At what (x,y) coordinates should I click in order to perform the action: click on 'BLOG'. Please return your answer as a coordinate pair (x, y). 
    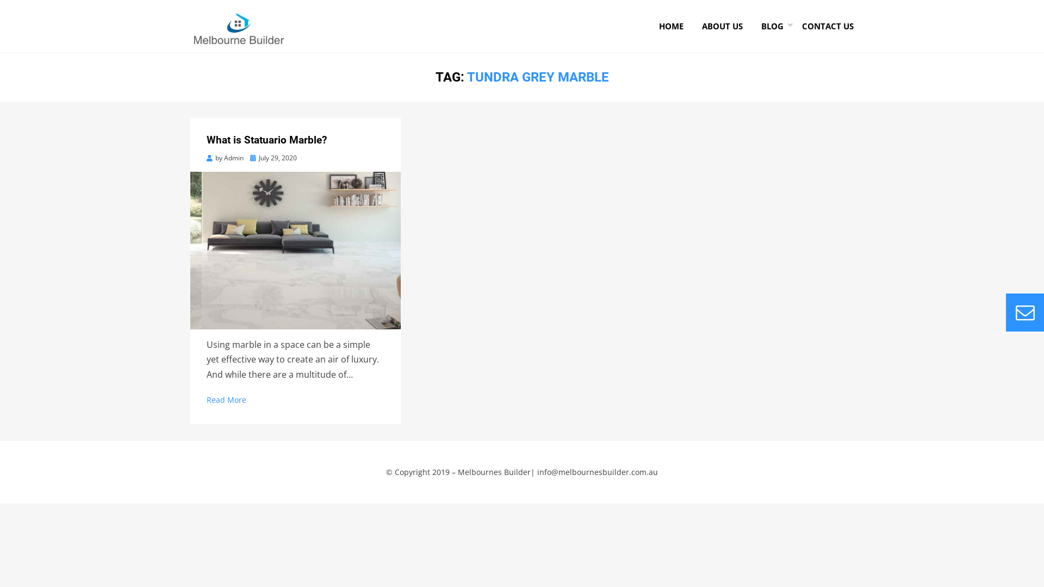
    Looking at the image, I should click on (772, 26).